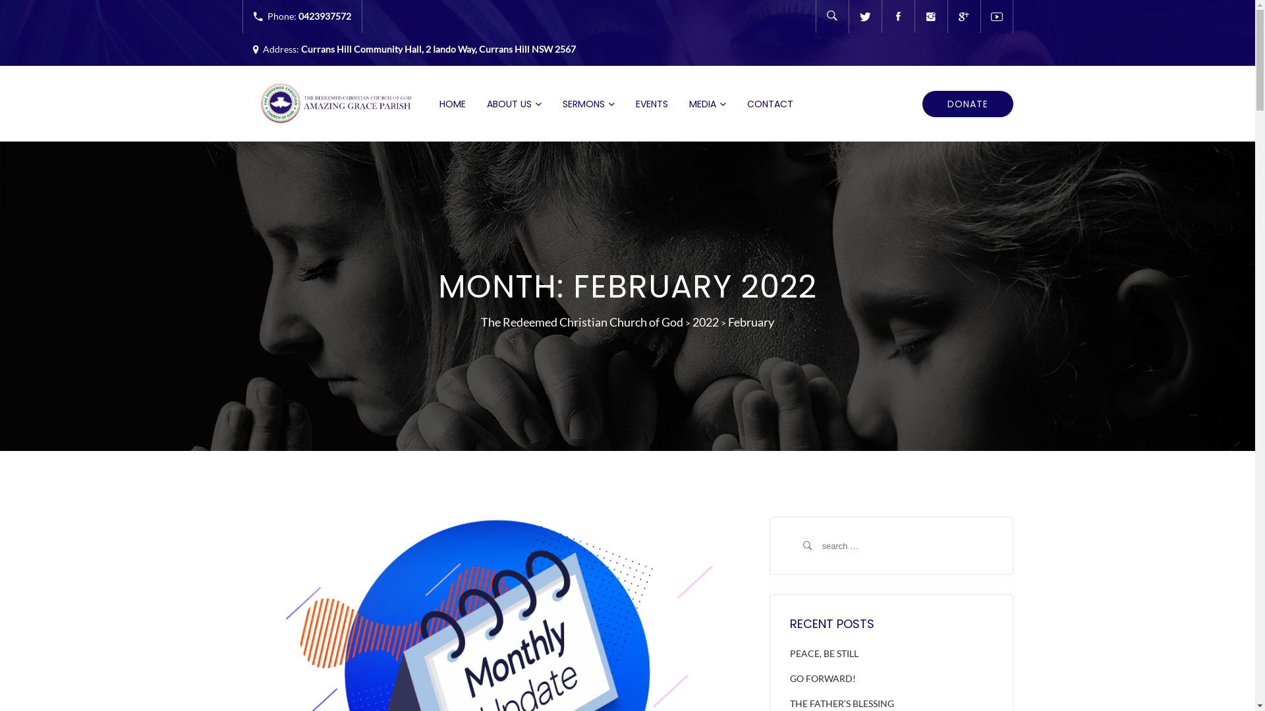  What do you see at coordinates (581, 322) in the screenshot?
I see `'The Redeemed Christian Church of God'` at bounding box center [581, 322].